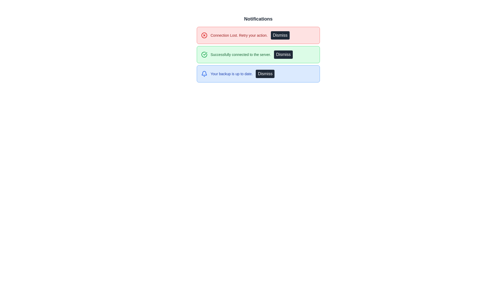 The height and width of the screenshot is (281, 501). Describe the element at coordinates (204, 54) in the screenshot. I see `the success icon located to the left of the notification bar indicating 'Successfully connected to the server.'` at that location.